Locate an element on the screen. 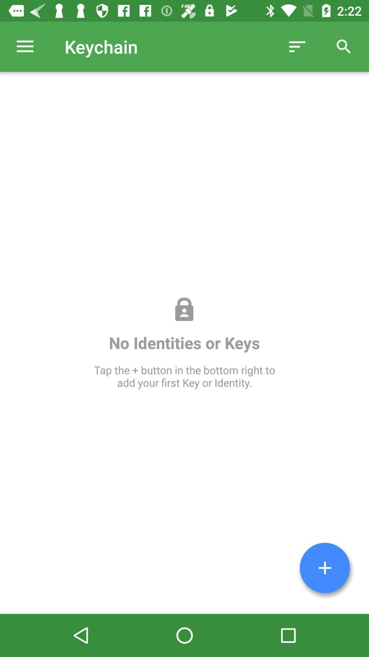 The width and height of the screenshot is (369, 657). first item is located at coordinates (325, 568).